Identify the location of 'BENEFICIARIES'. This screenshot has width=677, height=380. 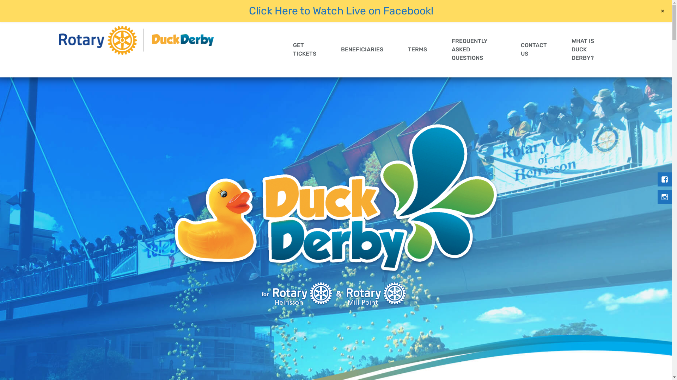
(328, 49).